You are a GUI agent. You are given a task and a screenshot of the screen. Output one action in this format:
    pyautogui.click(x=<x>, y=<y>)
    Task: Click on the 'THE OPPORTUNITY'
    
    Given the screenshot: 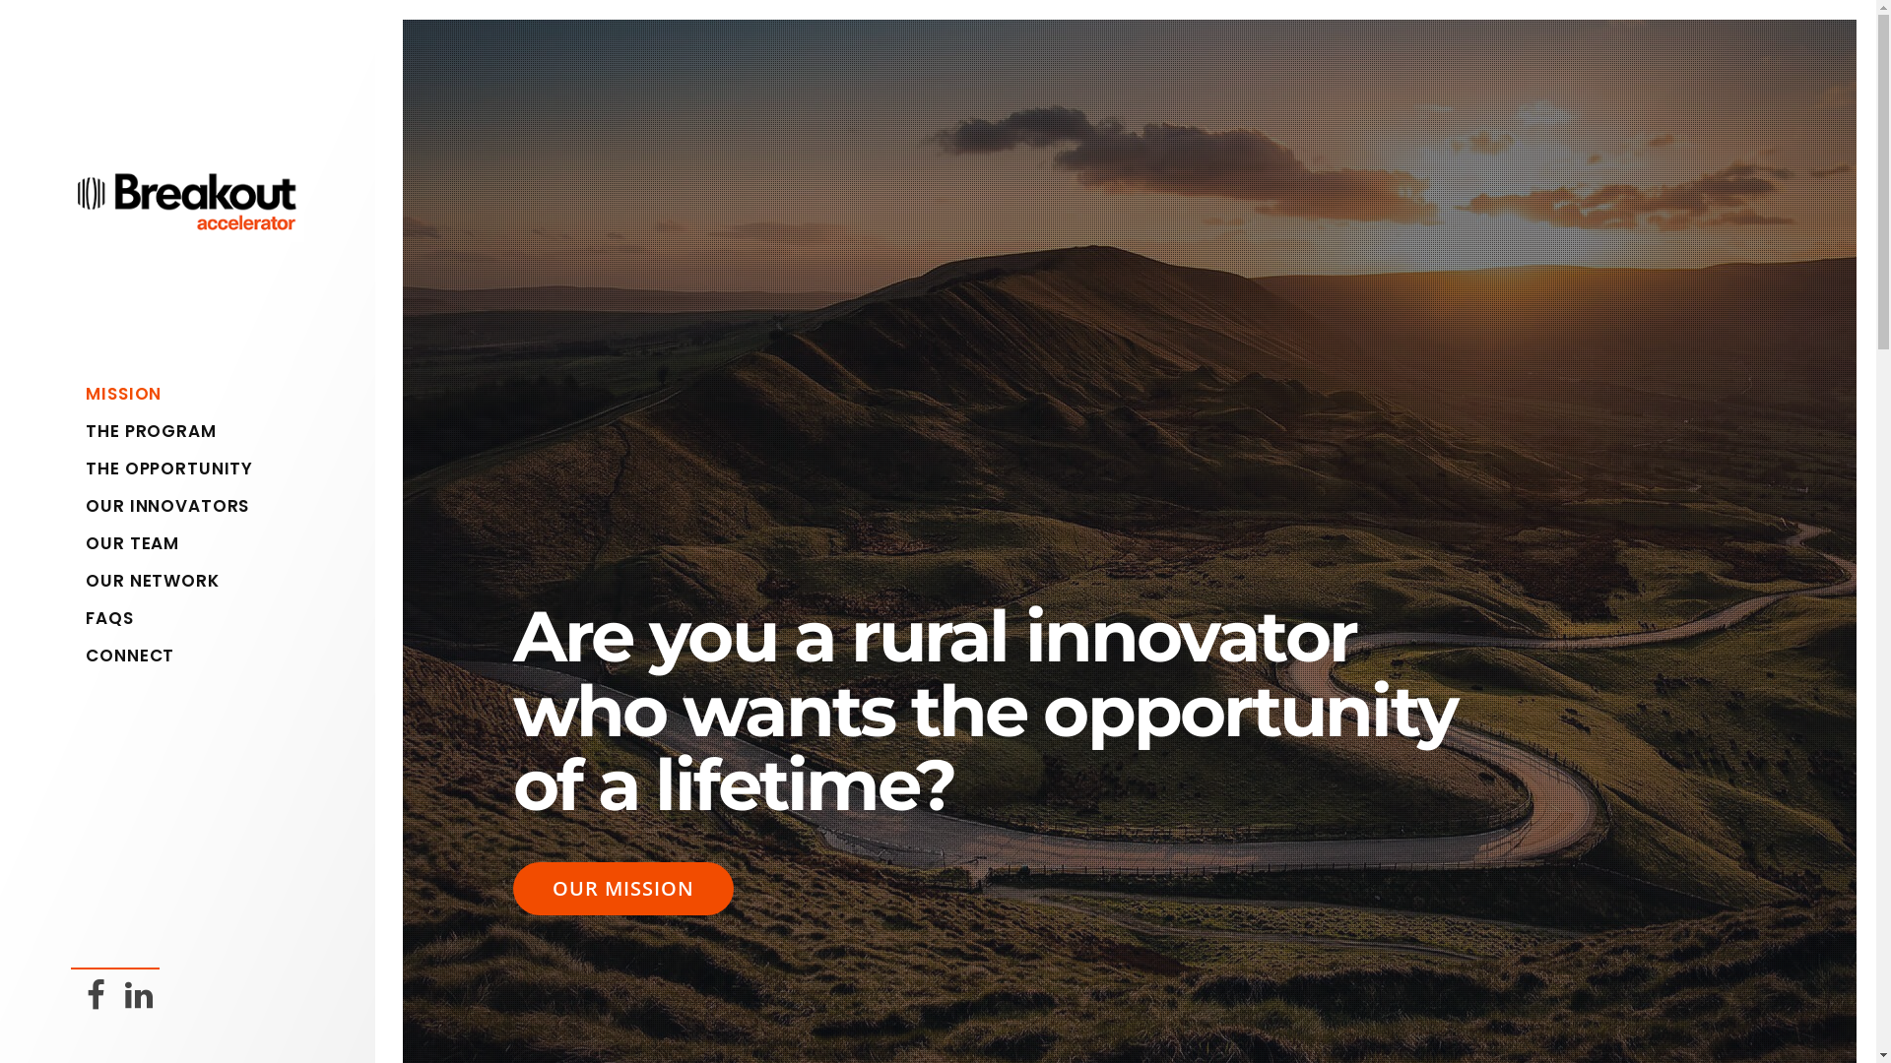 What is the action you would take?
    pyautogui.click(x=194, y=468)
    